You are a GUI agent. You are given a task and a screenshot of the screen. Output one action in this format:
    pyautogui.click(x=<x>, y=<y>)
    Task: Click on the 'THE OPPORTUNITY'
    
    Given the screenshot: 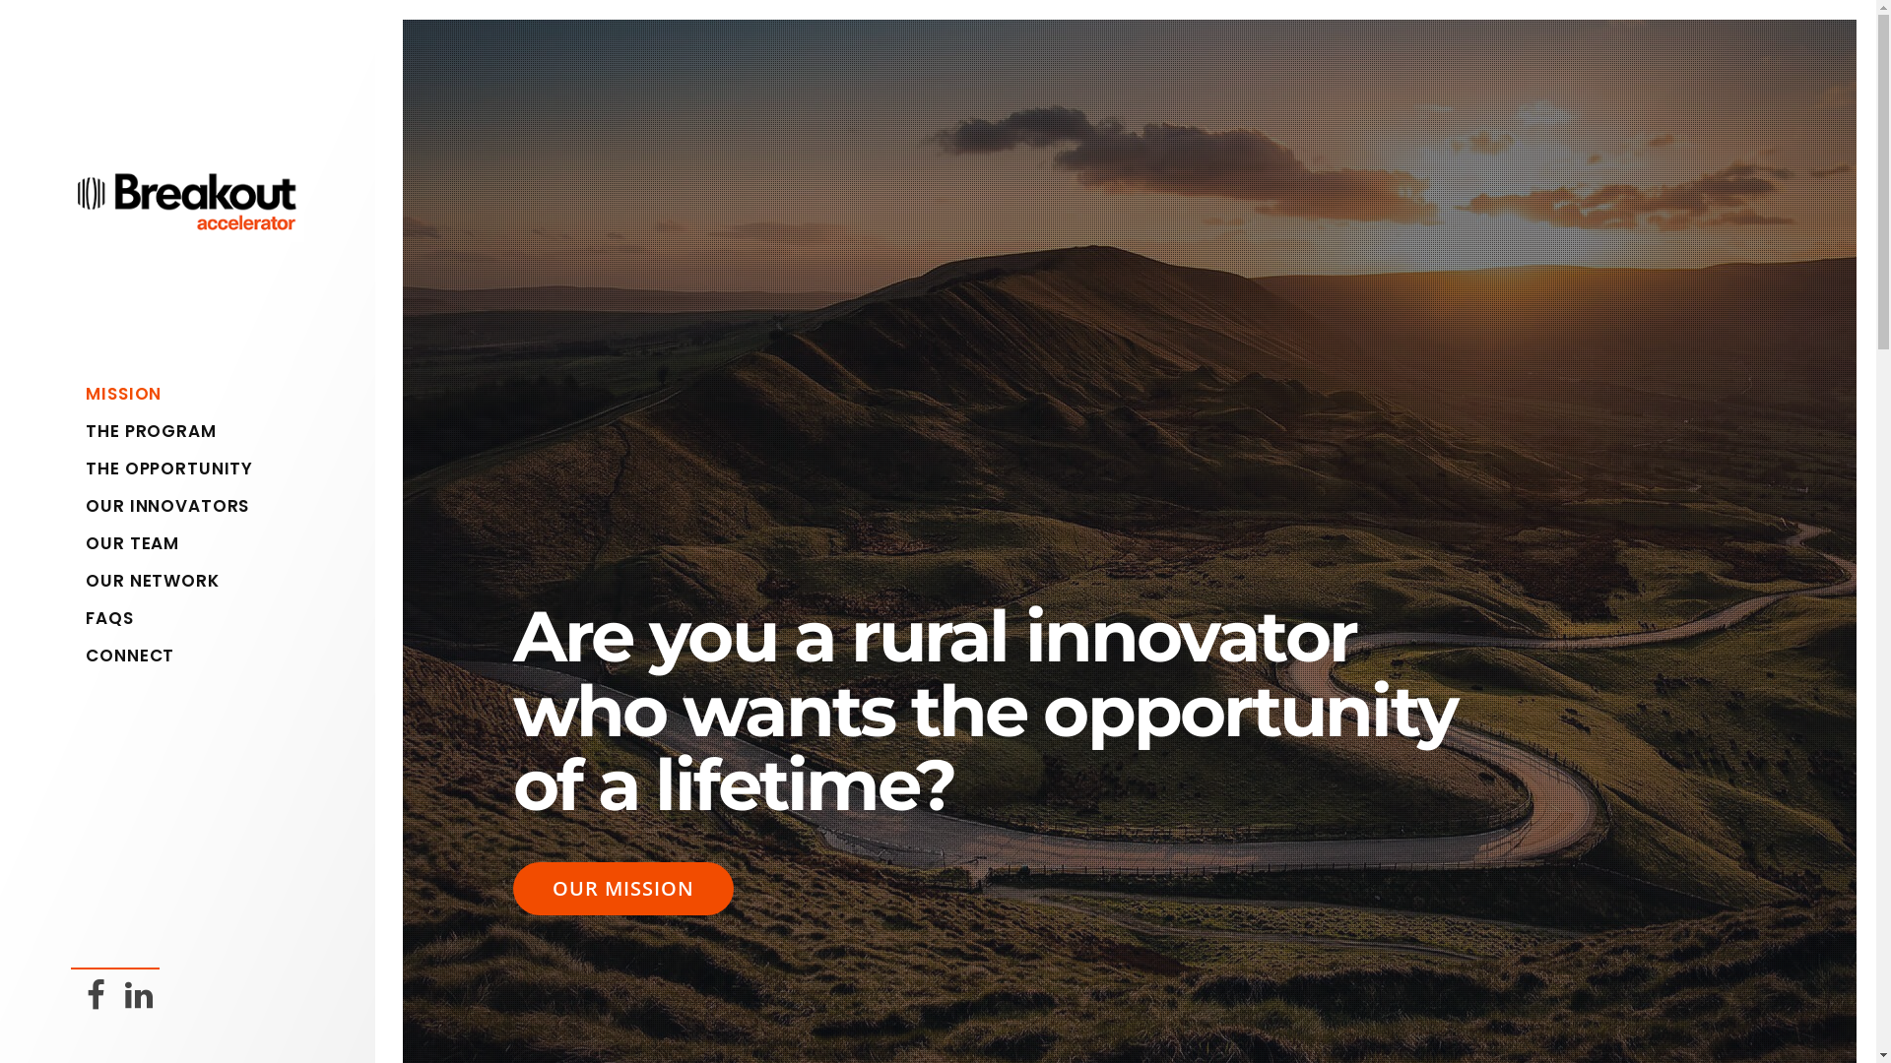 What is the action you would take?
    pyautogui.click(x=194, y=468)
    